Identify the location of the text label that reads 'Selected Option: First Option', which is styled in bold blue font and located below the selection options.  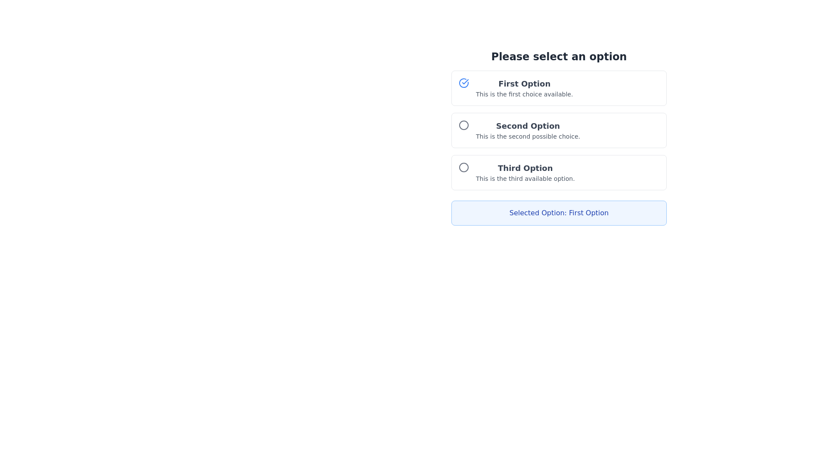
(559, 213).